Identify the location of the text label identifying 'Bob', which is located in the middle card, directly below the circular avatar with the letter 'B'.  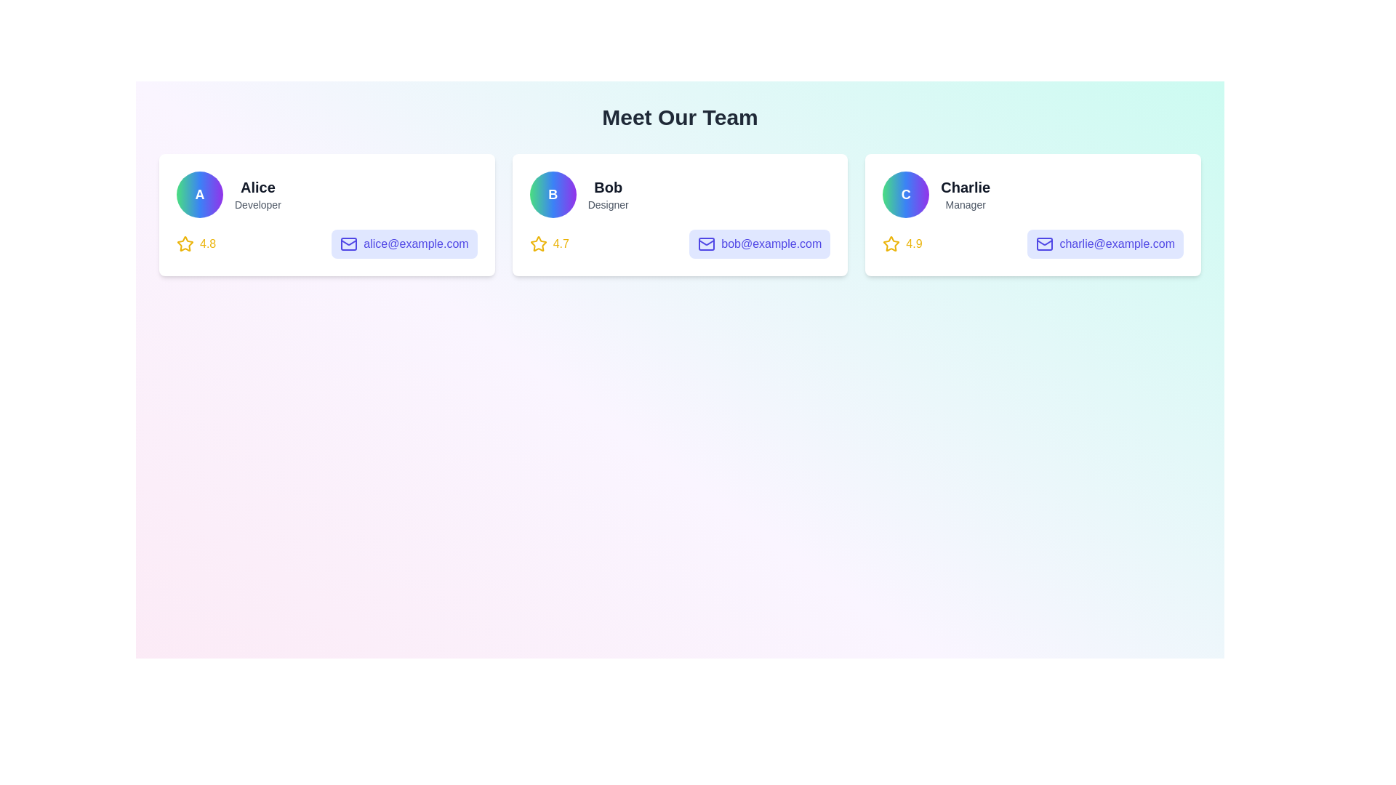
(608, 187).